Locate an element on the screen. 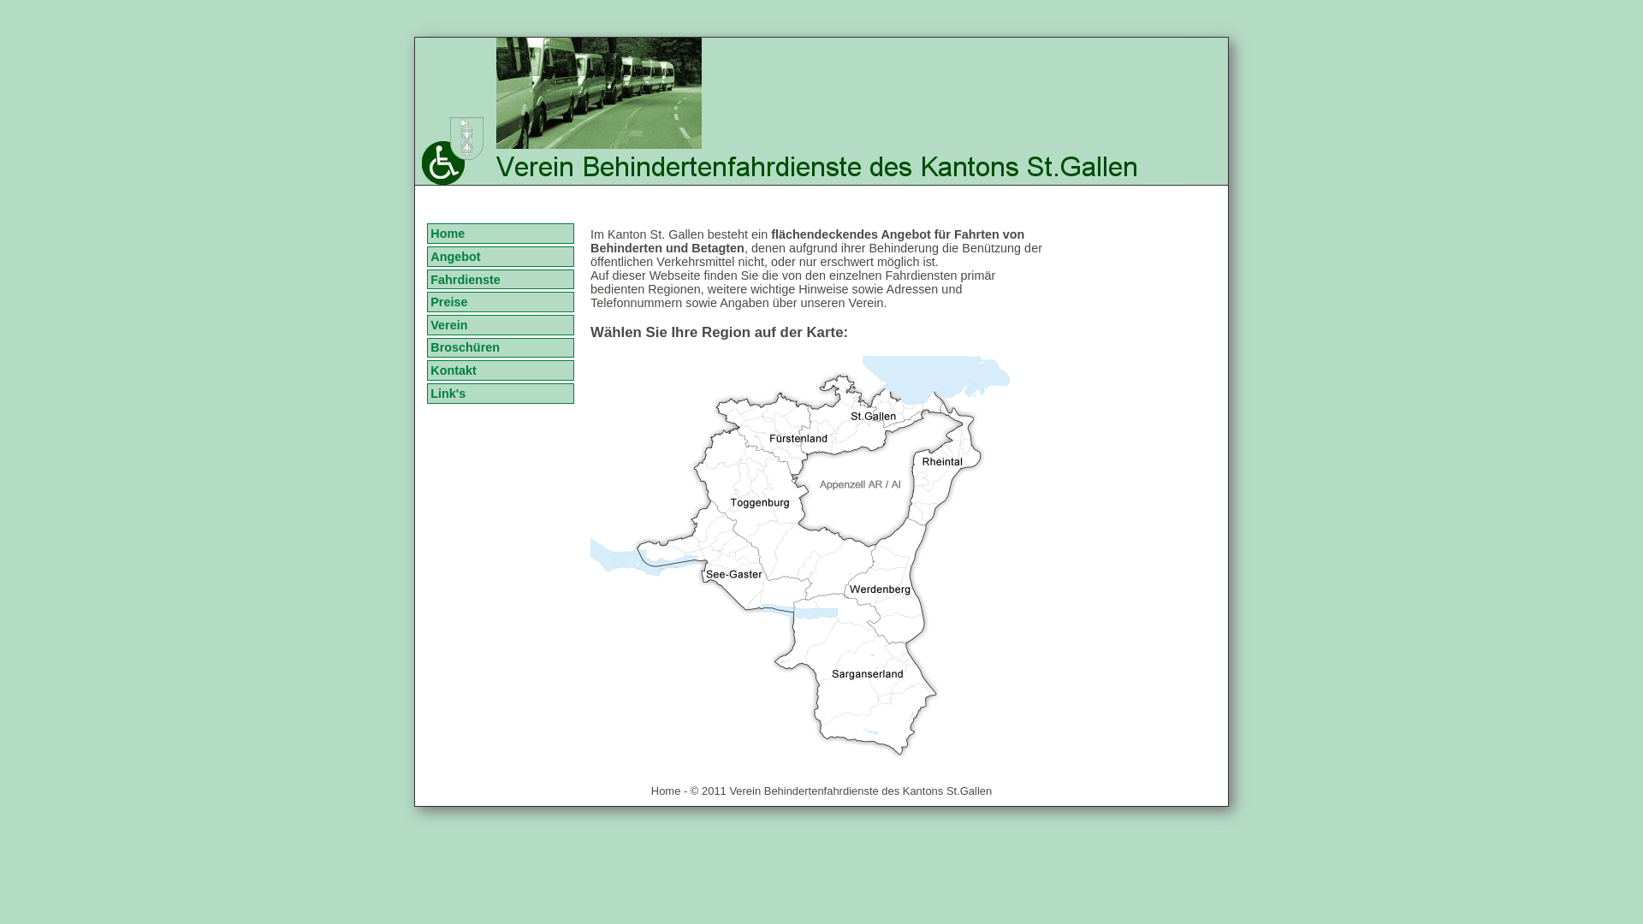  'Angebot' is located at coordinates (499, 257).